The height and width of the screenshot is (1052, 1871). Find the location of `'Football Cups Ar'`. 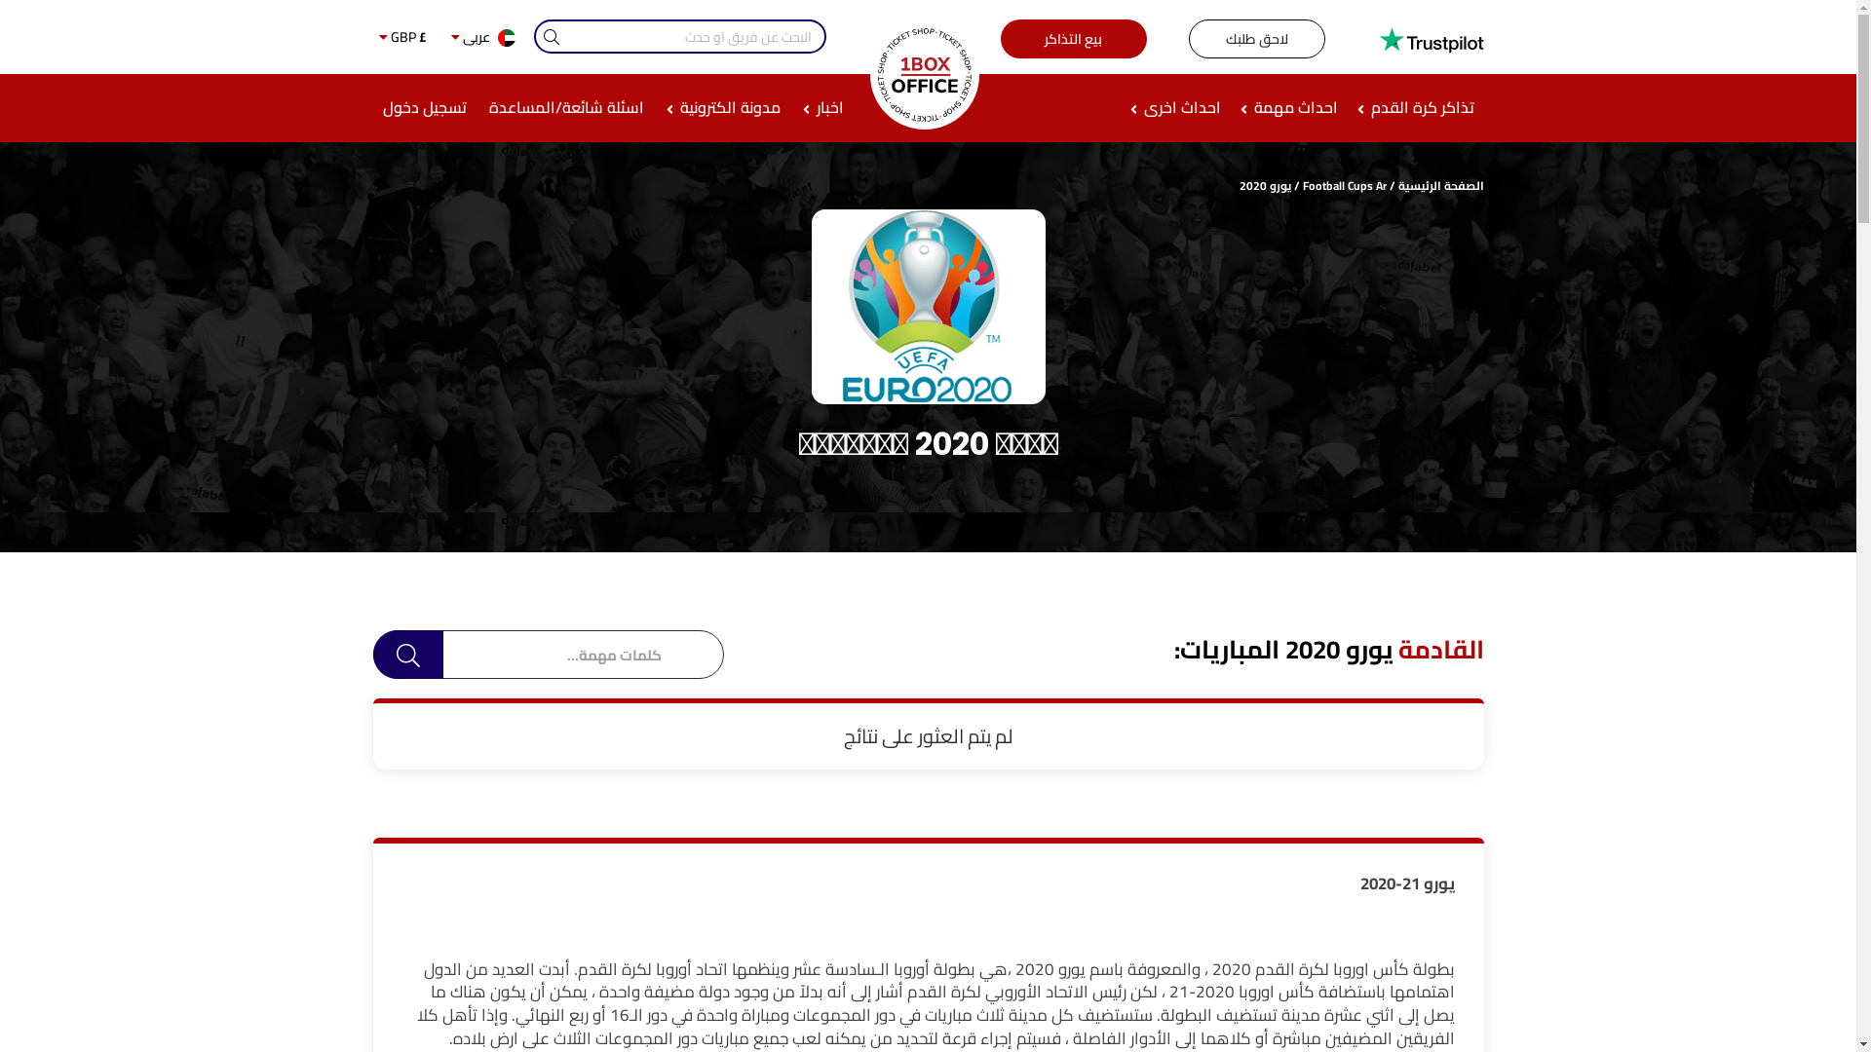

'Football Cups Ar' is located at coordinates (1342, 185).